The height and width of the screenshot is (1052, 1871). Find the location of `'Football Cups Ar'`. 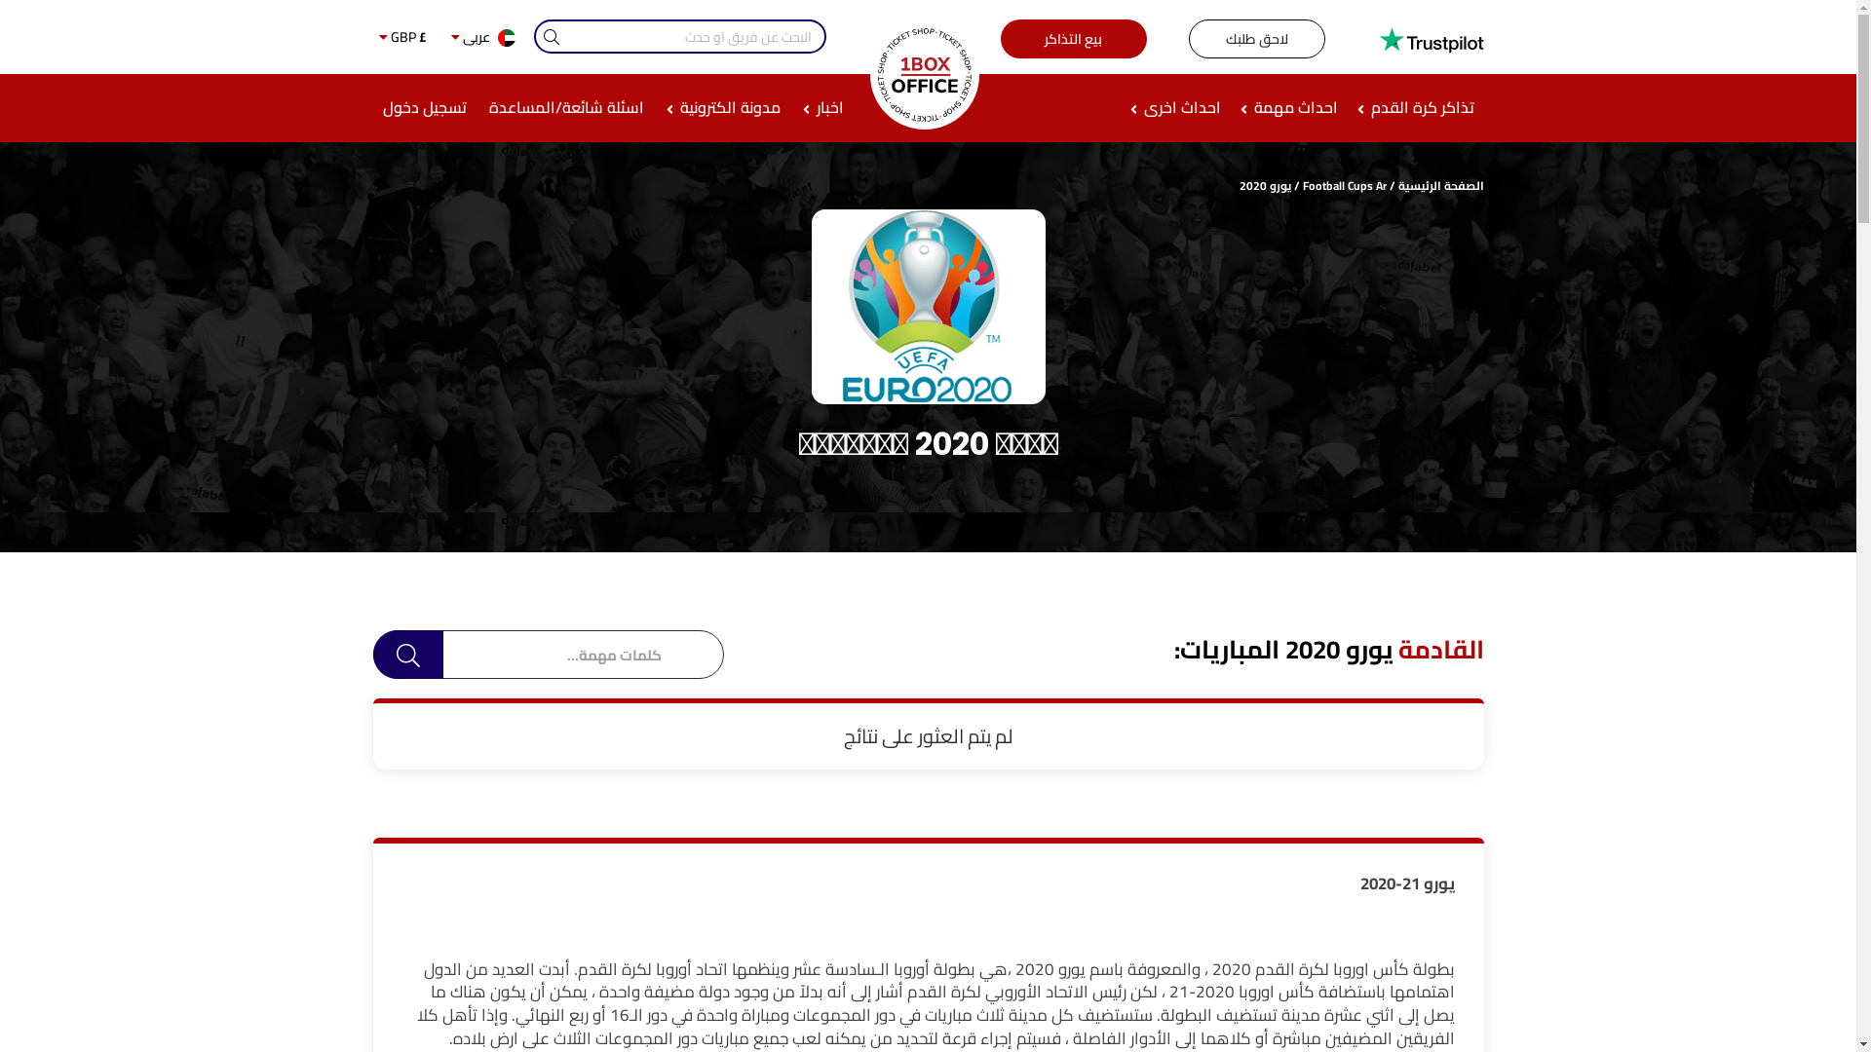

'Football Cups Ar' is located at coordinates (1342, 185).